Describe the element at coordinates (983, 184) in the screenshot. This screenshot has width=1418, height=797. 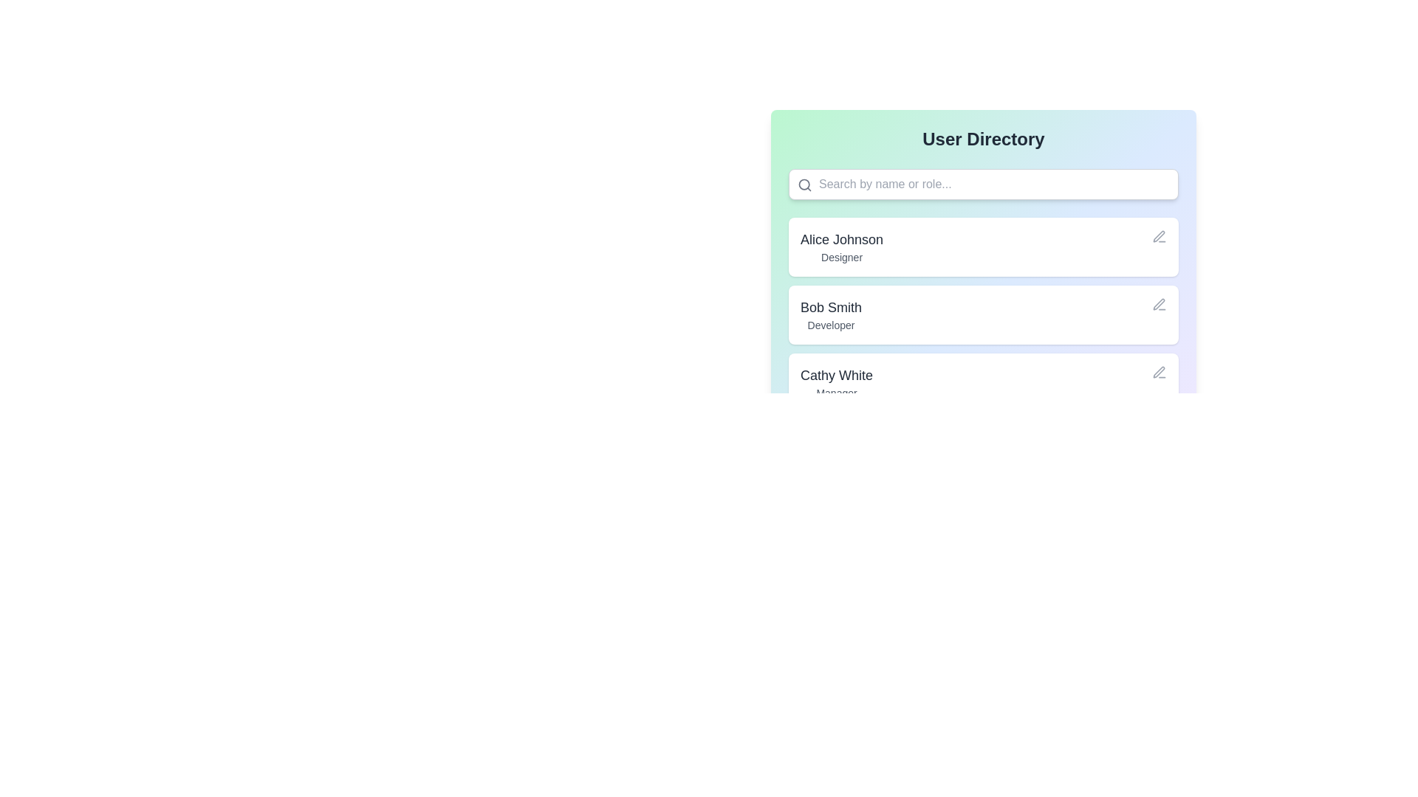
I see `the search input field located at the top of the 'User Directory' card` at that location.